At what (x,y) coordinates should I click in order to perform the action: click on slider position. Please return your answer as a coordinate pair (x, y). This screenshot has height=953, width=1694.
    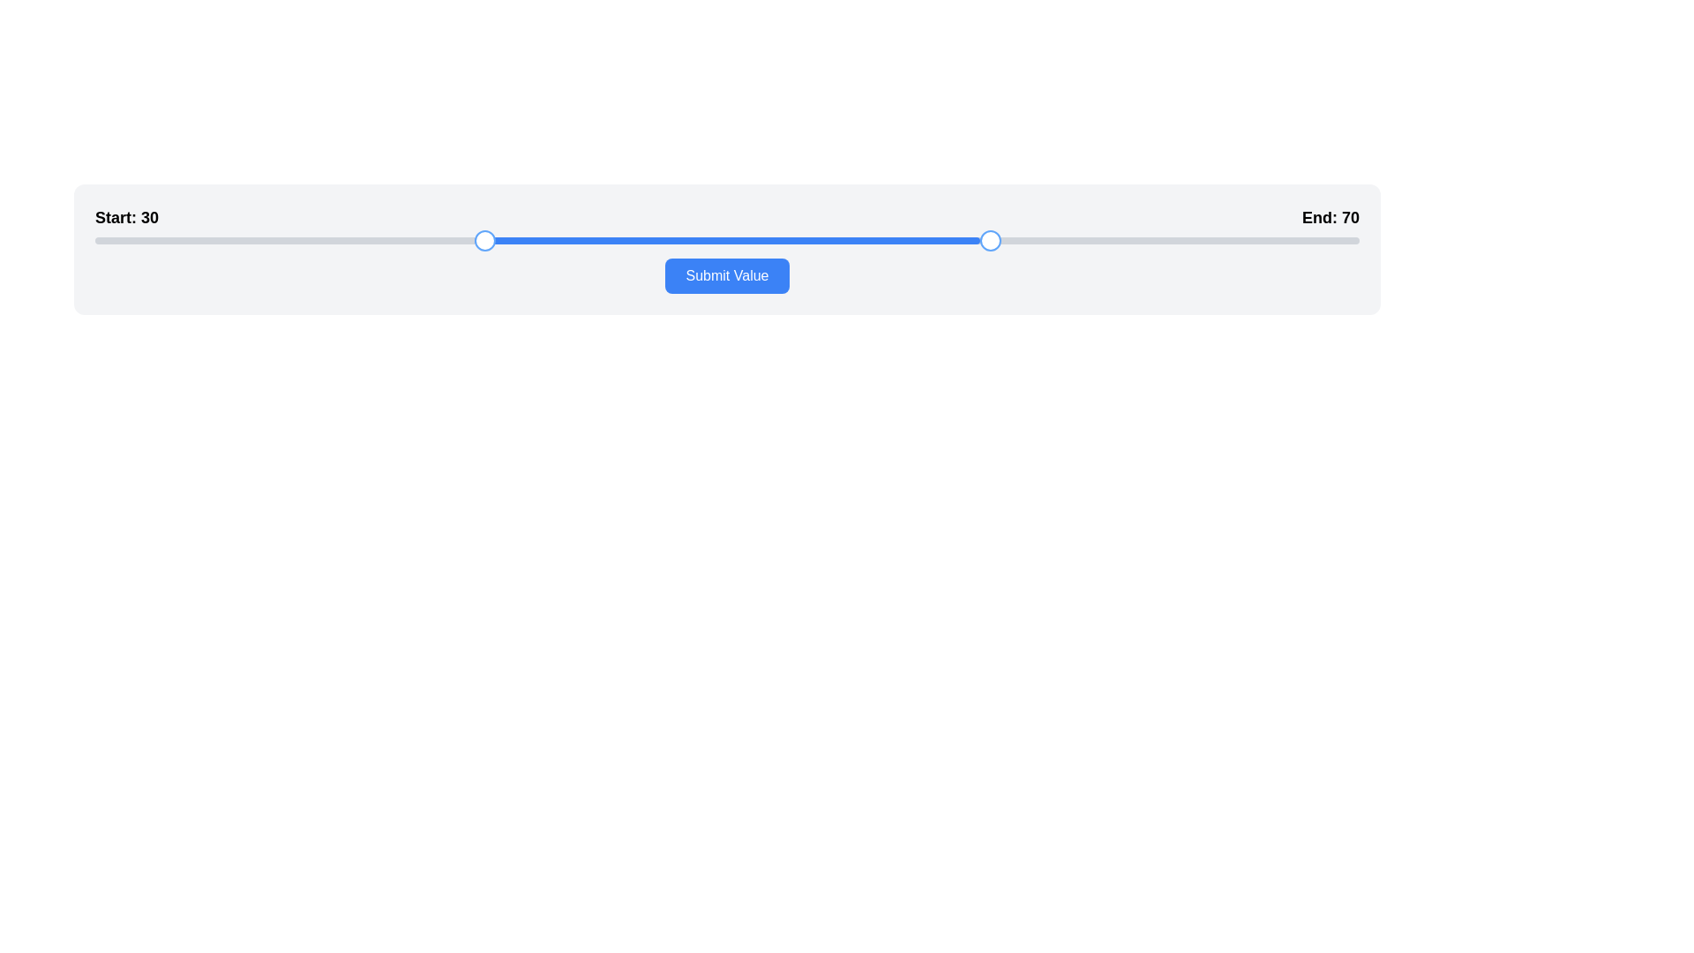
    Looking at the image, I should click on (476, 241).